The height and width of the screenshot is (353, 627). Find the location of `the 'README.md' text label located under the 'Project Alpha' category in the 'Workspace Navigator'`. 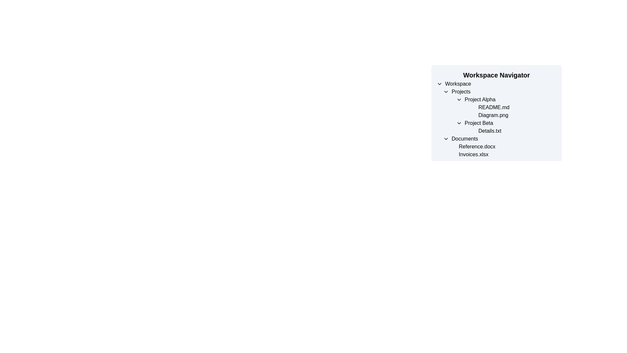

the 'README.md' text label located under the 'Project Alpha' category in the 'Workspace Navigator' is located at coordinates (494, 107).